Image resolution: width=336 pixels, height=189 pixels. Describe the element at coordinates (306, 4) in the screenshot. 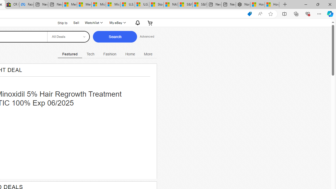

I see `'Minimize'` at that location.